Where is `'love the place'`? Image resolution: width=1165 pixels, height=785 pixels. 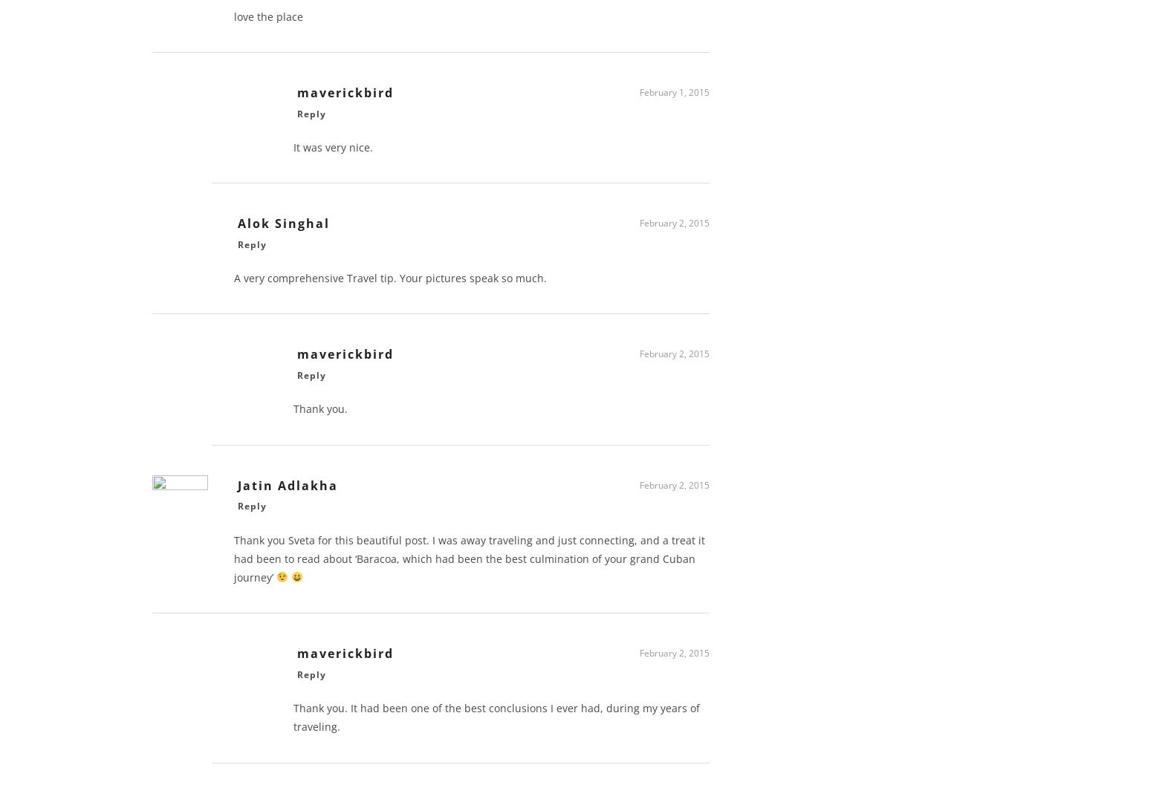 'love the place' is located at coordinates (268, 22).